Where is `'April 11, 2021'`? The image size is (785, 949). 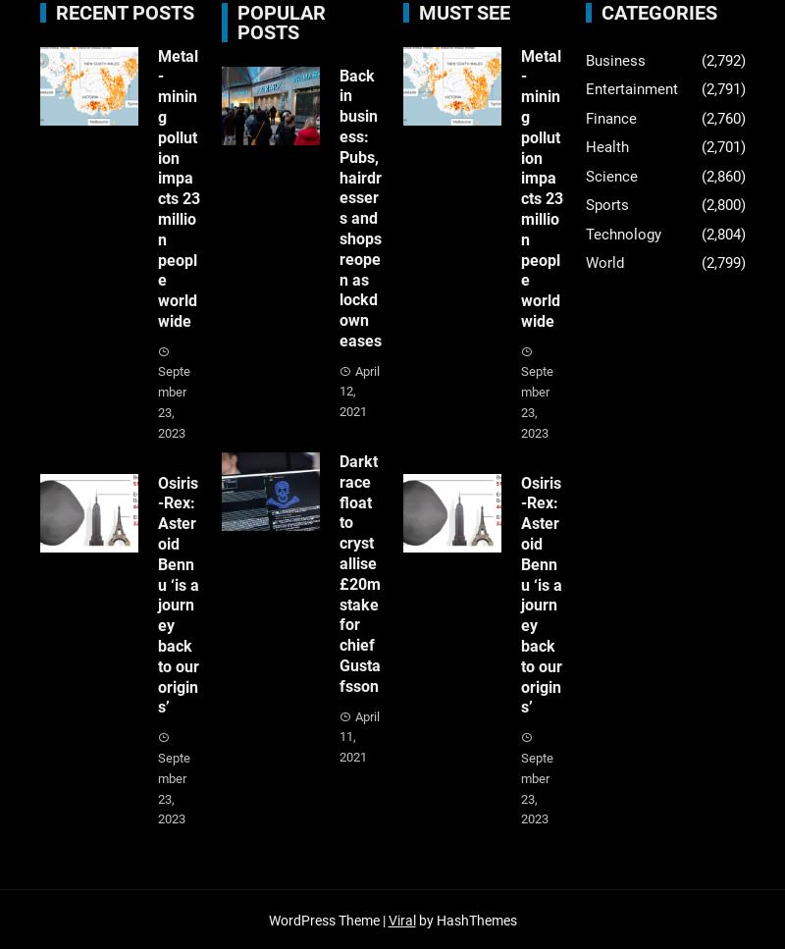 'April 11, 2021' is located at coordinates (359, 736).